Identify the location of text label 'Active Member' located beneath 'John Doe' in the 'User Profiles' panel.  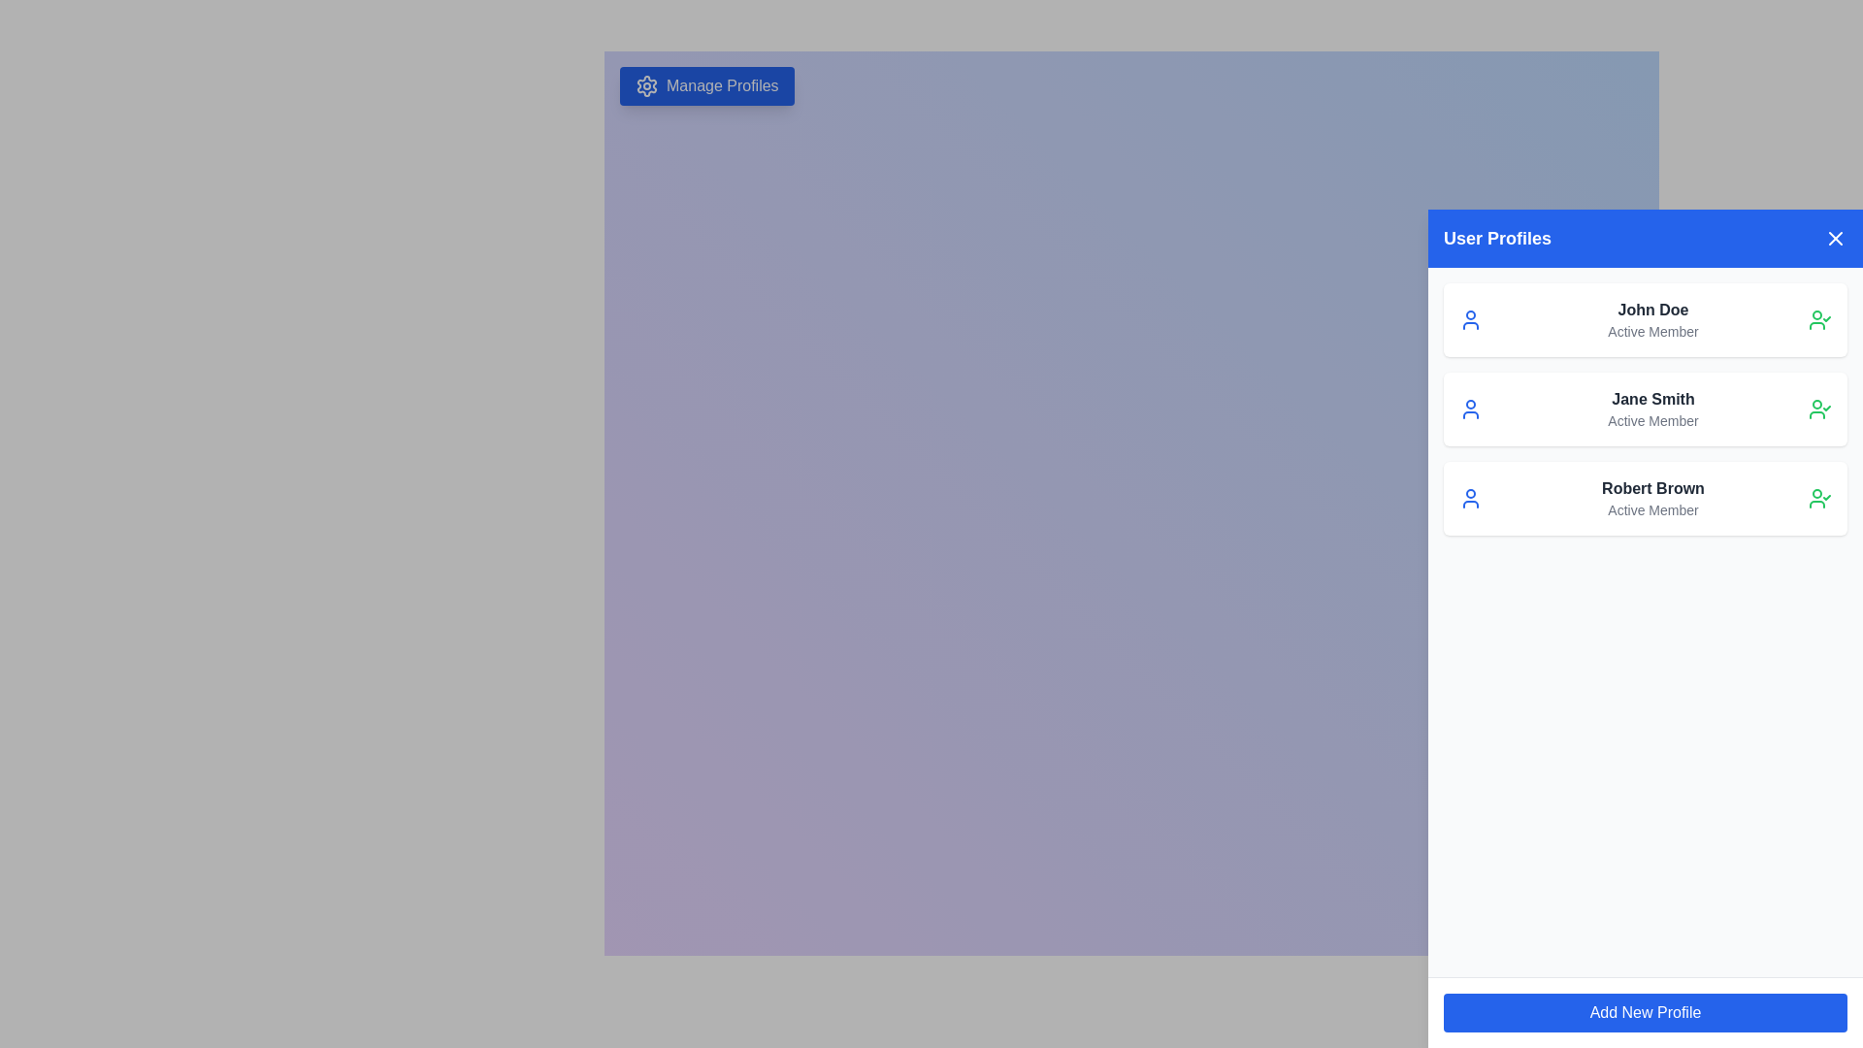
(1652, 331).